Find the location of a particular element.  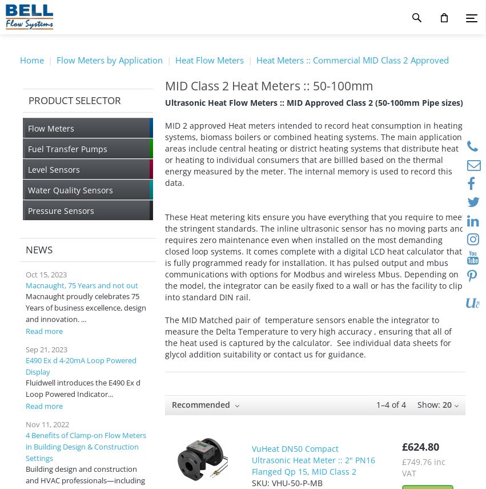

'Home' is located at coordinates (31, 59).